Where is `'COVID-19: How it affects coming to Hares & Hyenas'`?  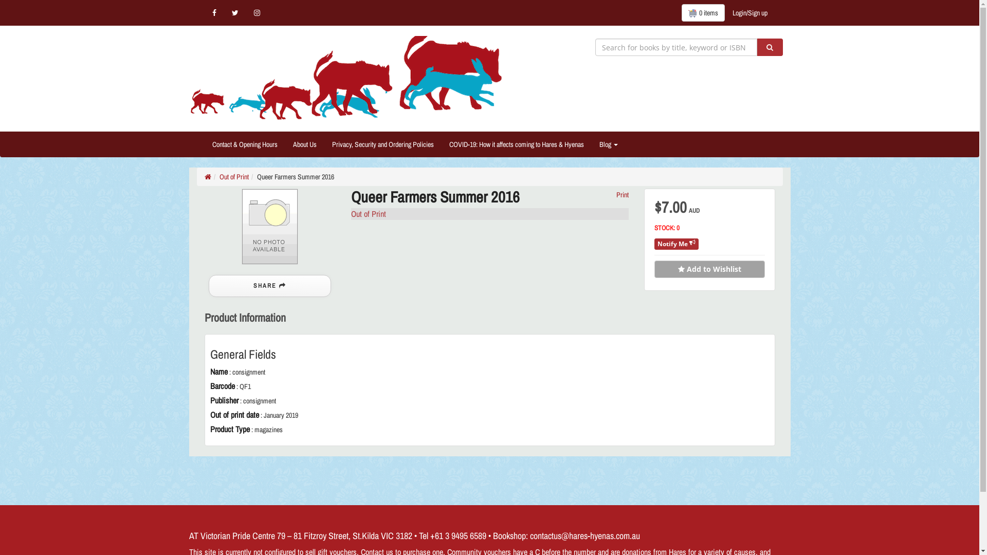 'COVID-19: How it affects coming to Hares & Hyenas' is located at coordinates (516, 144).